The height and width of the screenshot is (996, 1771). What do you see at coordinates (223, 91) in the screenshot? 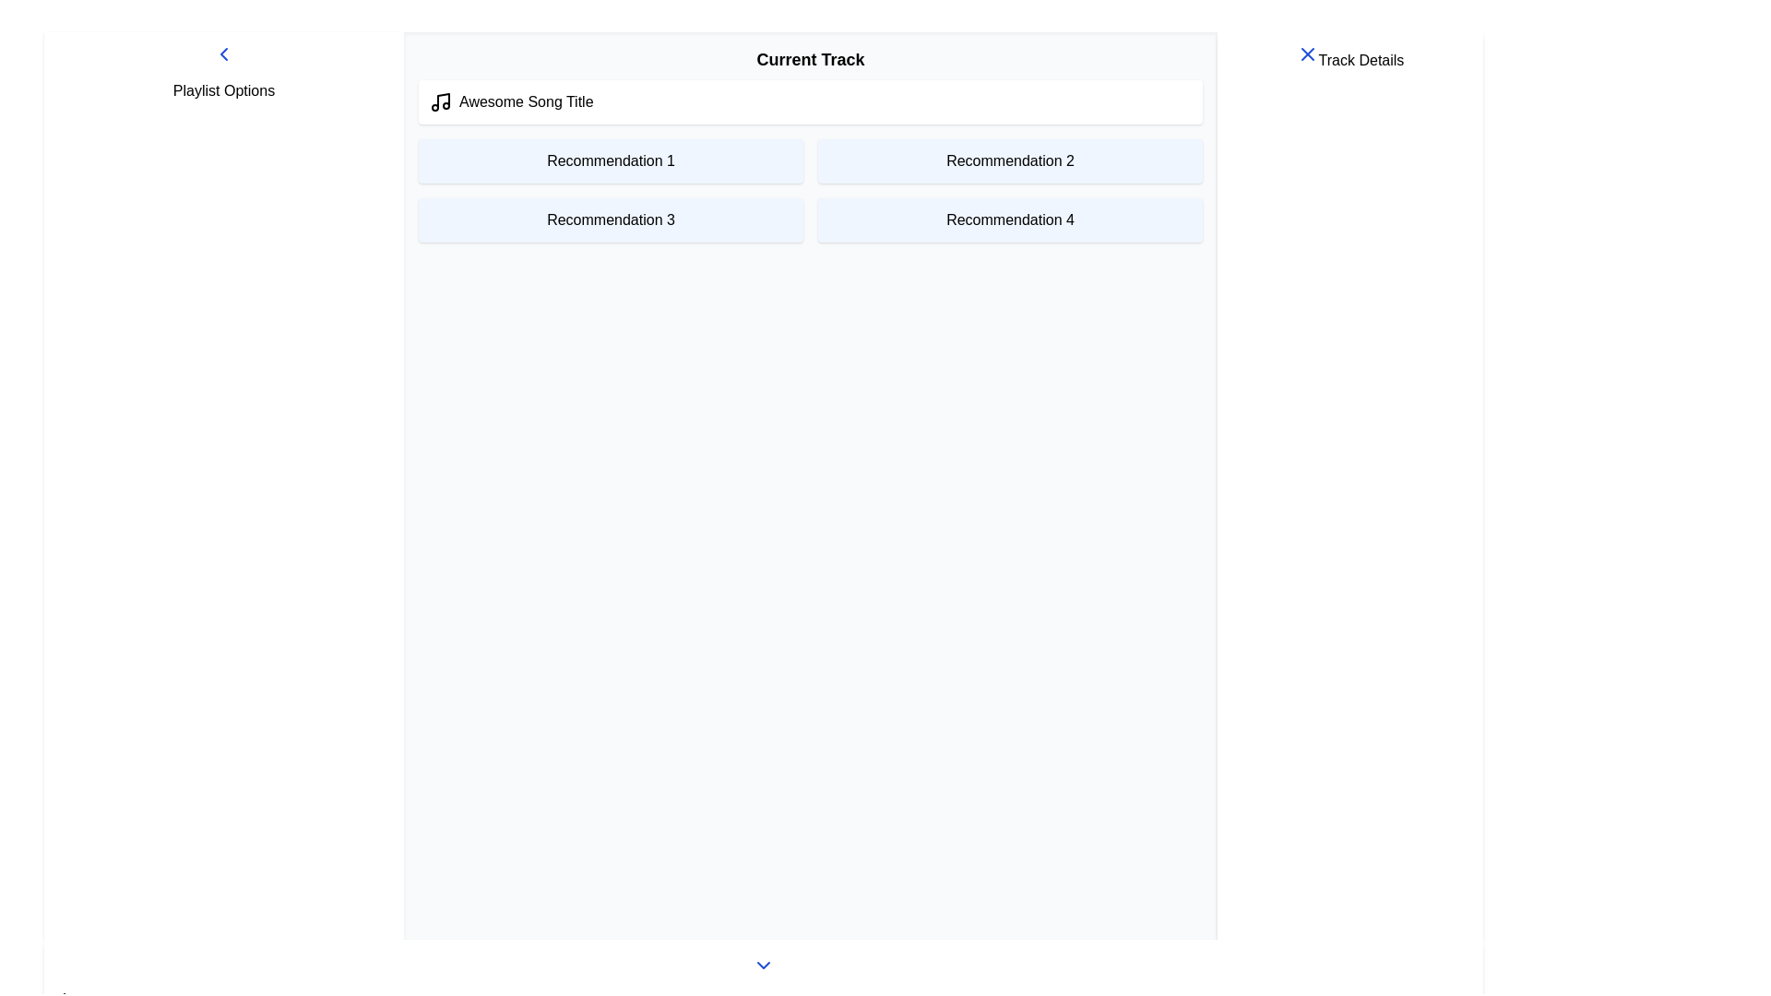
I see `the text label that serves as a header for playlist options, located near the top of the left vertical side panel` at bounding box center [223, 91].